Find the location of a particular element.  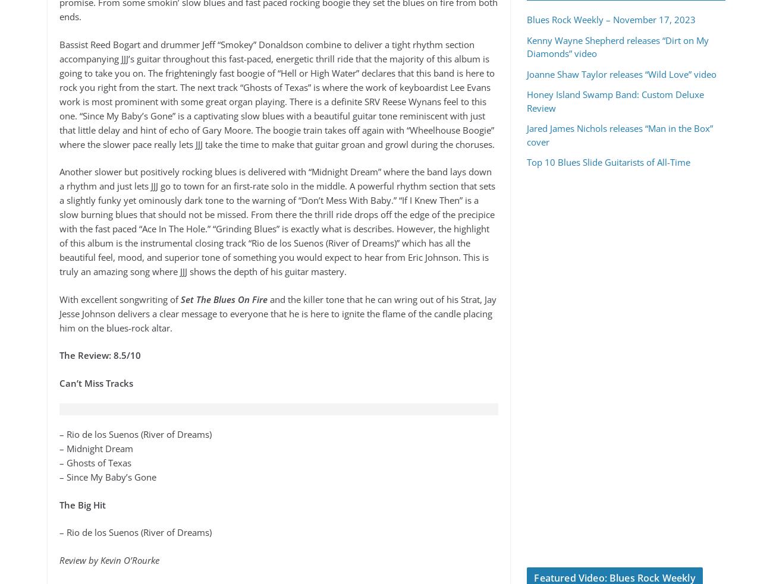

'The Big Hit' is located at coordinates (81, 504).